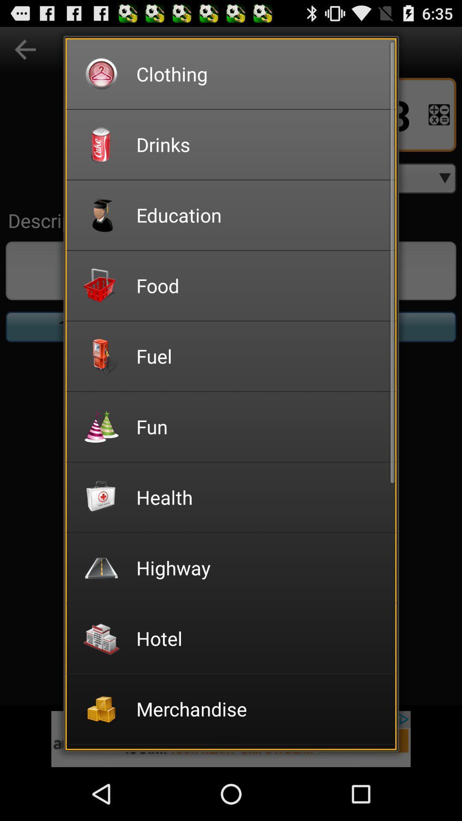 This screenshot has width=462, height=821. What do you see at coordinates (260, 74) in the screenshot?
I see `clothing` at bounding box center [260, 74].